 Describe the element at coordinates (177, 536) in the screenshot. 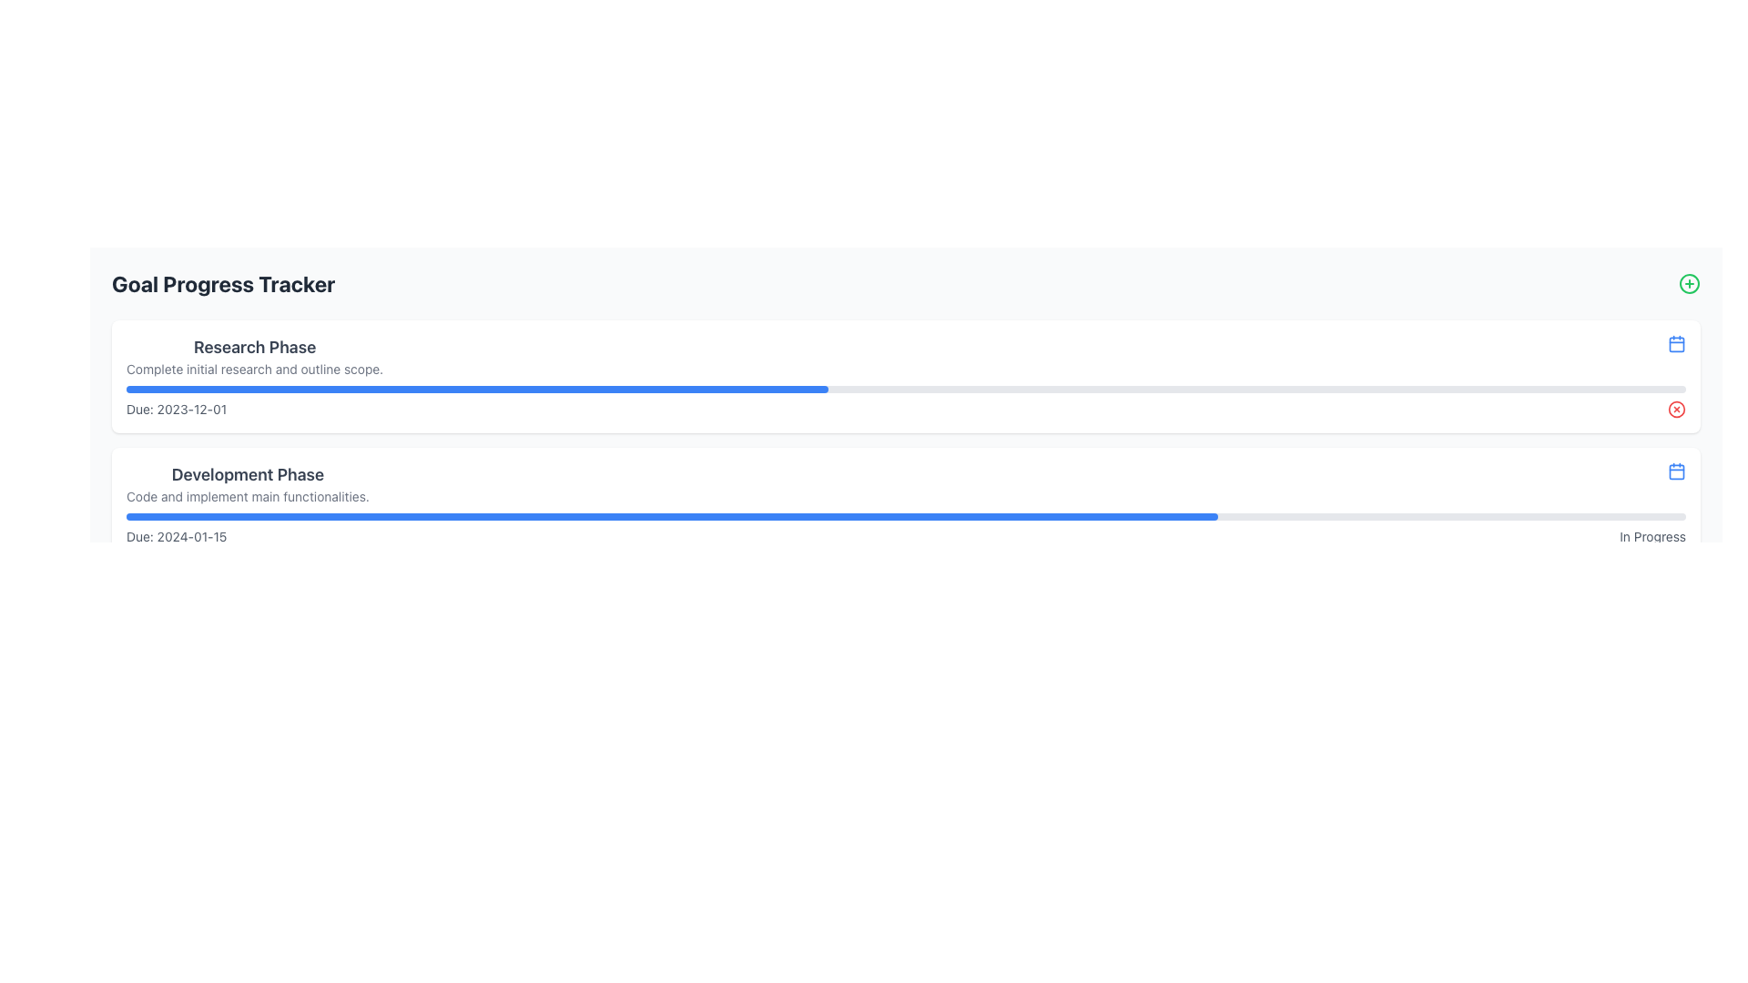

I see `the text label displaying 'Due: 2024-01-15', which is located near the bottom-left of the 'Development Phase' section, just below the progress bar and before the 'In Progress' label` at that location.